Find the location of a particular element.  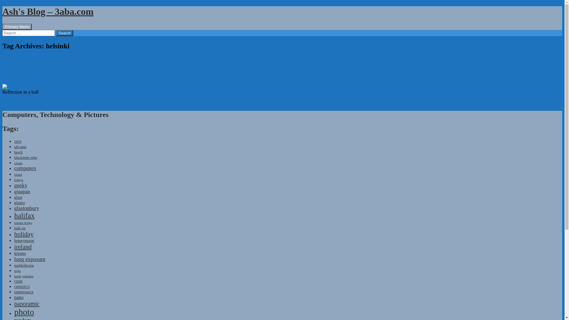

'hebden bridge' is located at coordinates (23, 223).